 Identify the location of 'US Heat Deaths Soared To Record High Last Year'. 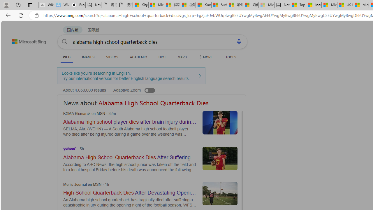
(345, 5).